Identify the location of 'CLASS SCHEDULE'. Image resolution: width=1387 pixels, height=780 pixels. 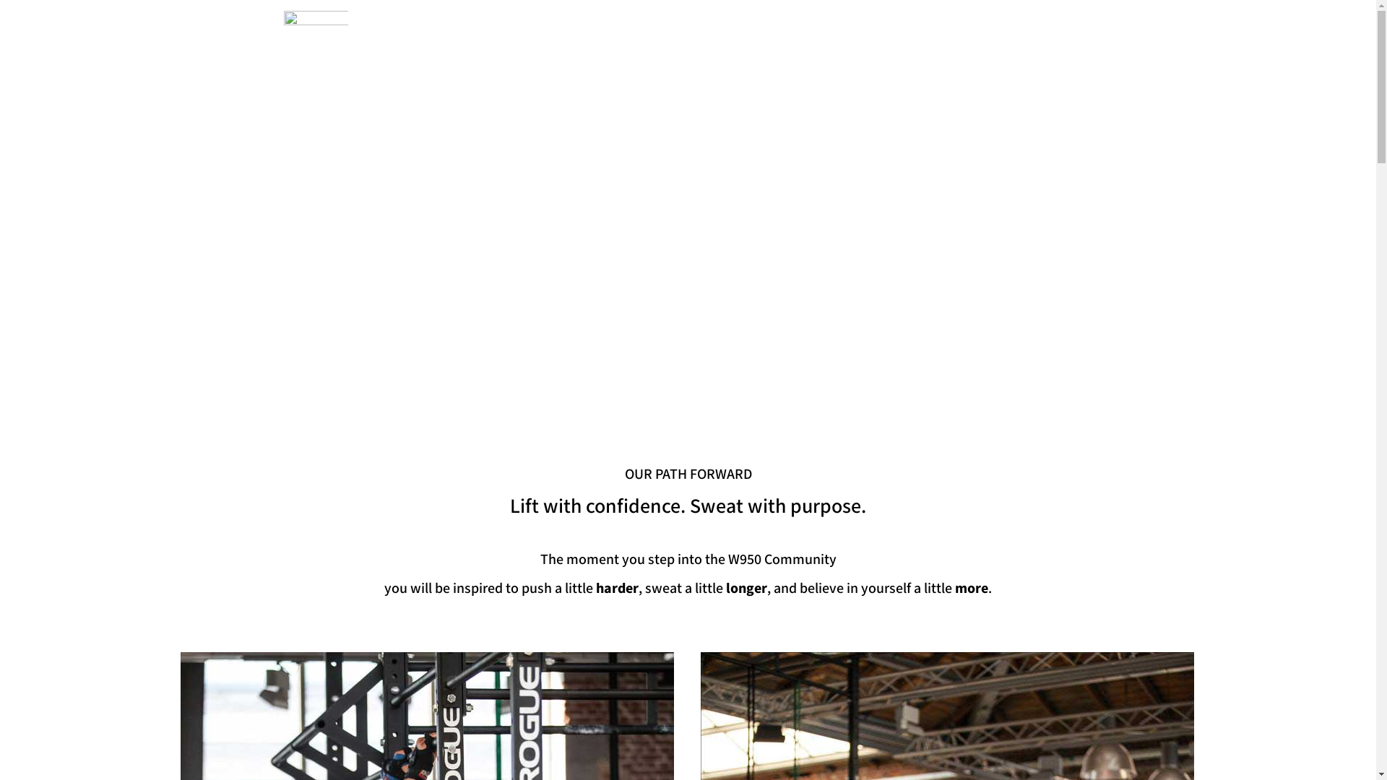
(743, 27).